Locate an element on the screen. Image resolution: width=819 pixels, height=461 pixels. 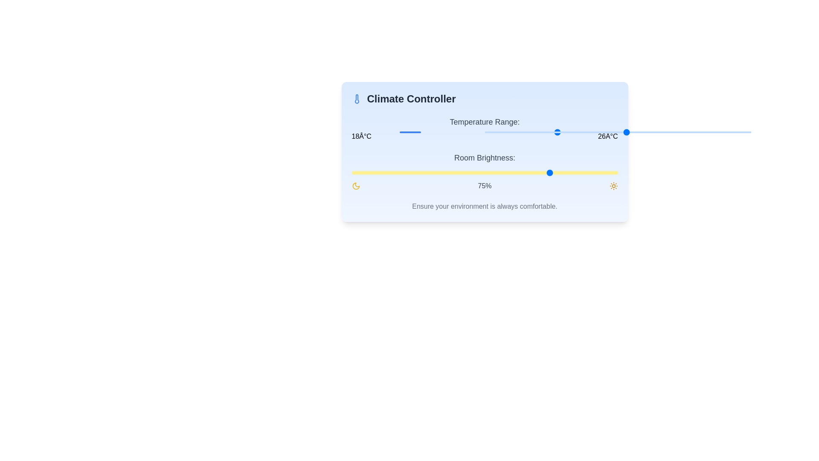
the room brightness is located at coordinates (465, 173).